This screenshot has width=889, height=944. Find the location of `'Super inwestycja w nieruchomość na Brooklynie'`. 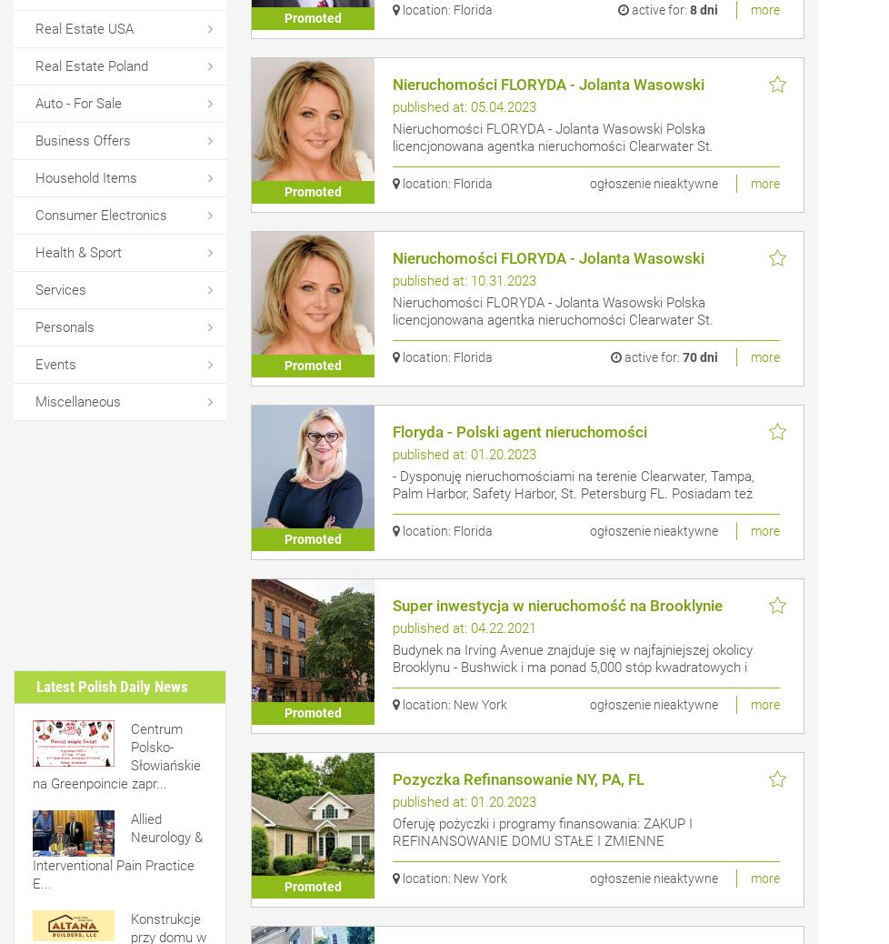

'Super inwestycja w nieruchomość na Brooklynie' is located at coordinates (556, 604).